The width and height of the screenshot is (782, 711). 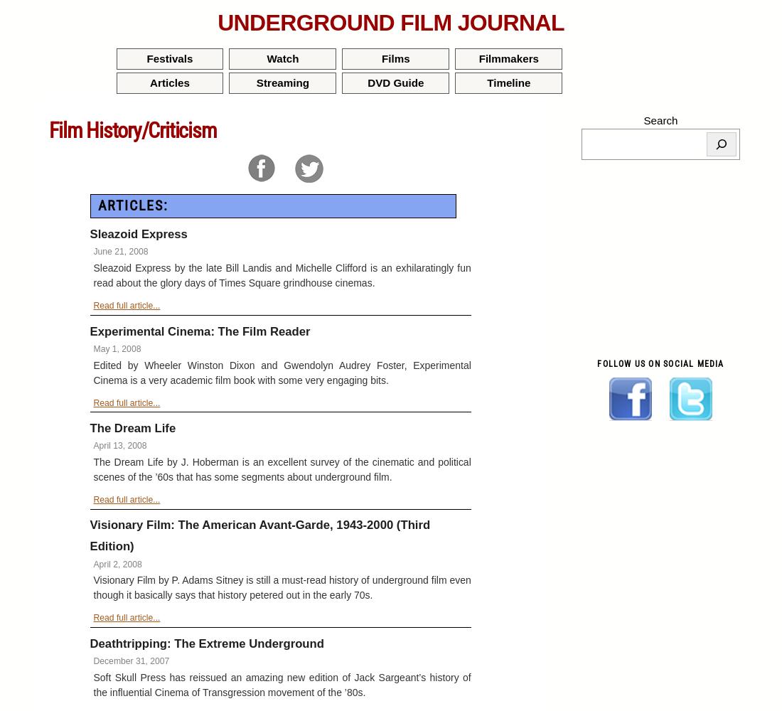 What do you see at coordinates (119, 251) in the screenshot?
I see `'June 21, 2008'` at bounding box center [119, 251].